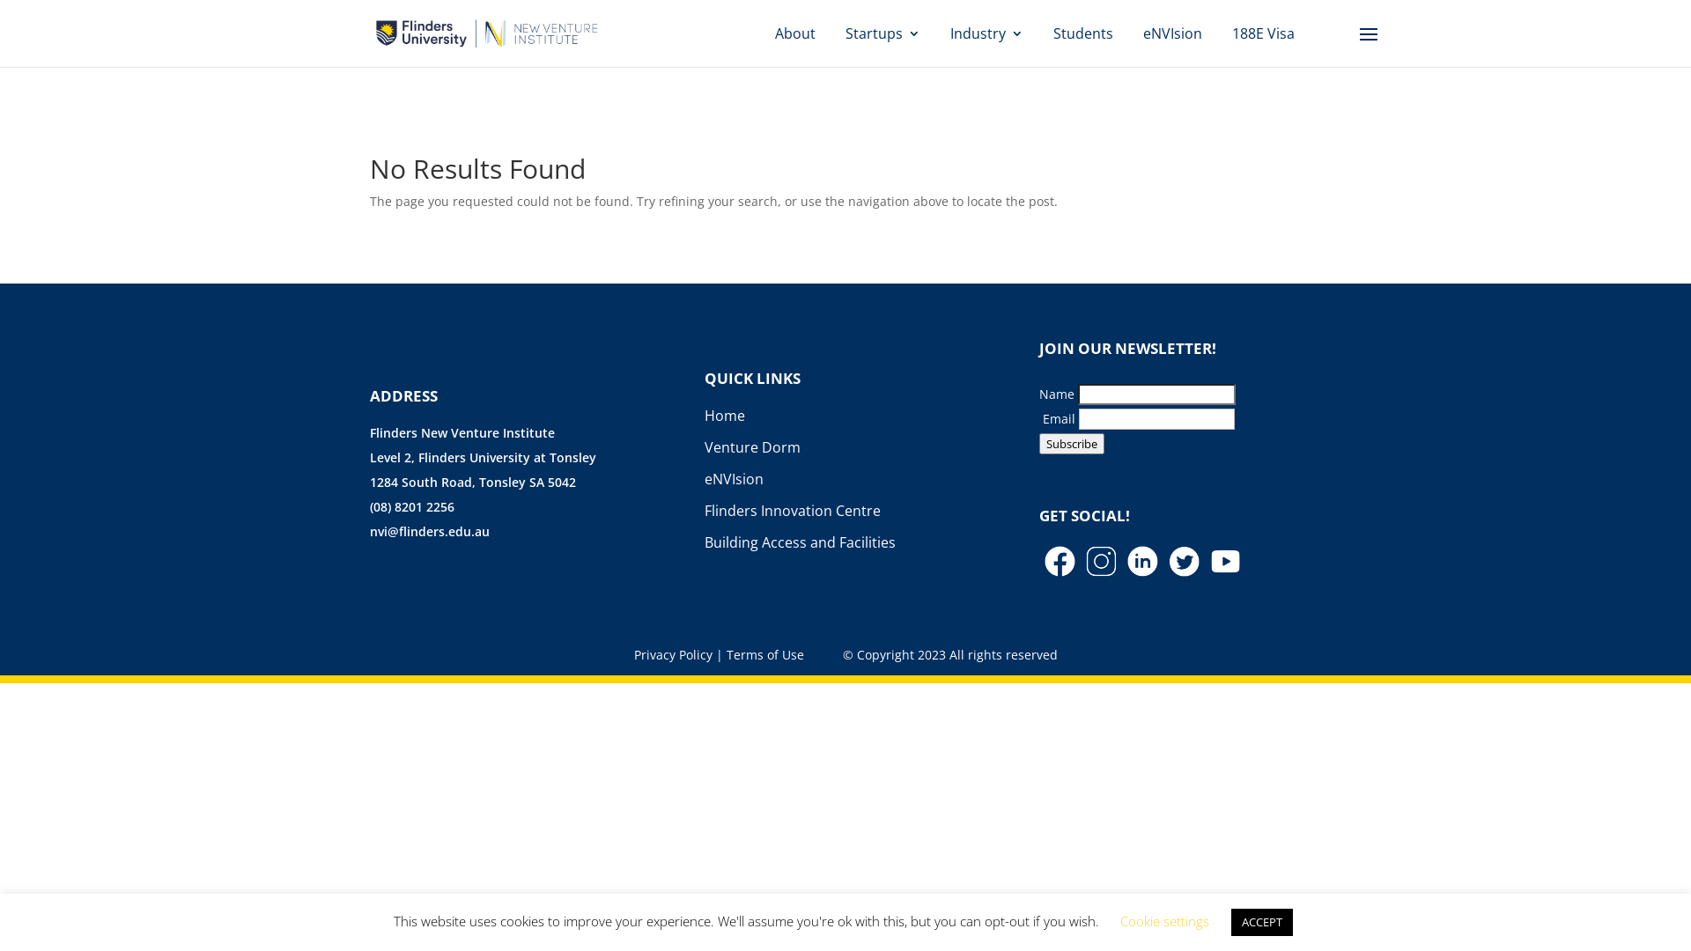  What do you see at coordinates (752, 446) in the screenshot?
I see `'Venture Dorm'` at bounding box center [752, 446].